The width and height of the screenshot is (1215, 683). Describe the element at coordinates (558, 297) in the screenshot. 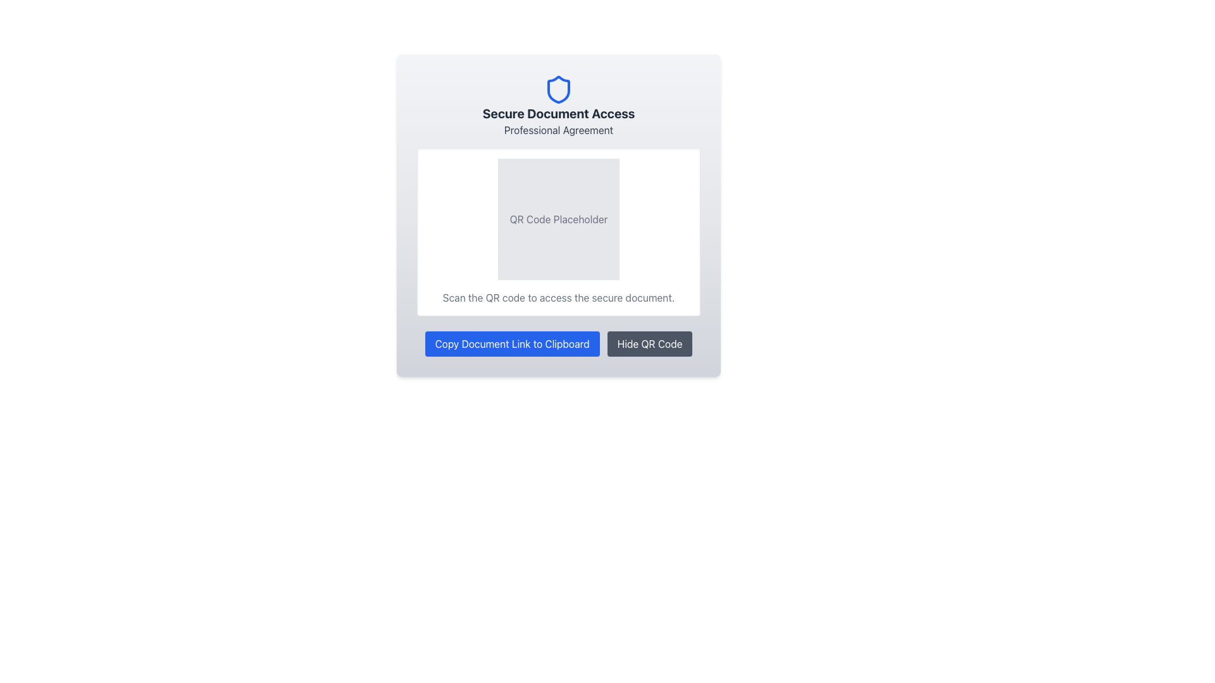

I see `the text label that reads 'Scan the QR code` at that location.